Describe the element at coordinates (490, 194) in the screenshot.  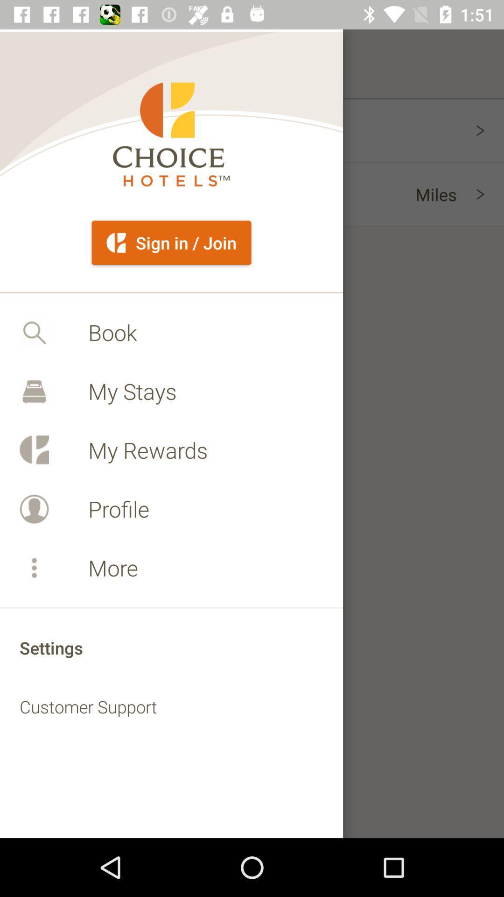
I see `the second right scroll` at that location.